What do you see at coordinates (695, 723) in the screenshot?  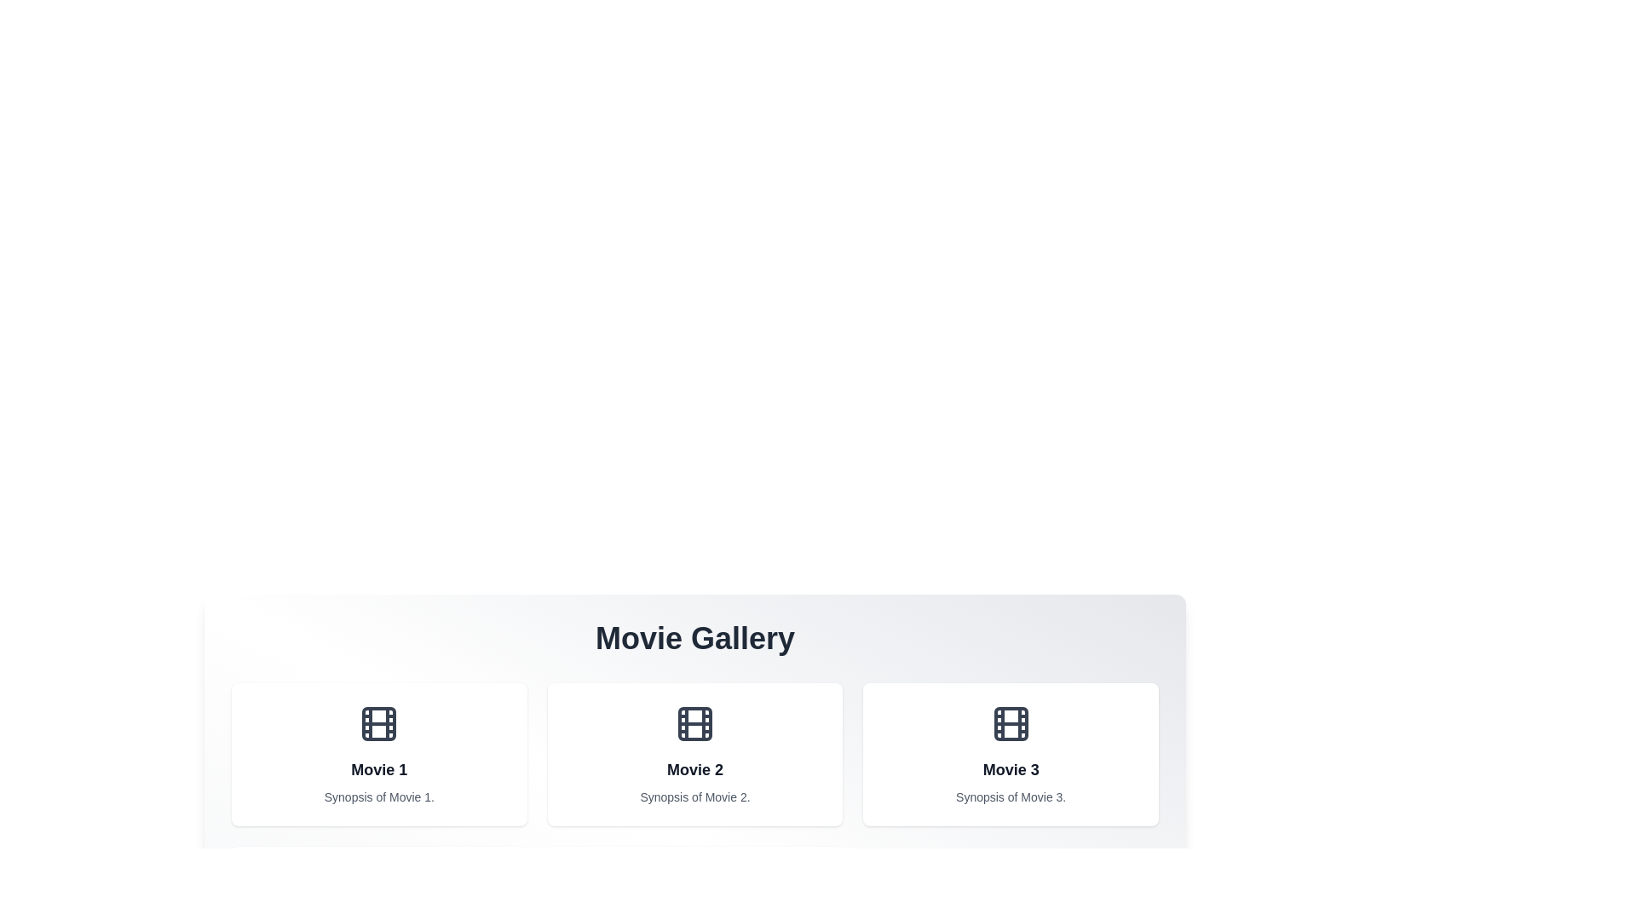 I see `the decorative visual element of the film reel icon representing 'Movie 2' in the movie gallery interface` at bounding box center [695, 723].